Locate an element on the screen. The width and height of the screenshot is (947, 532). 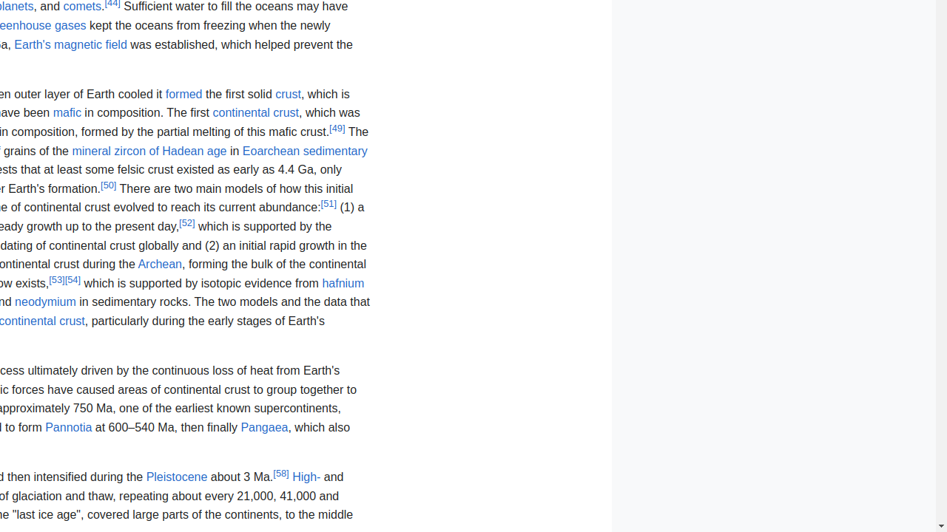
'Pleistocene' is located at coordinates (176, 477).